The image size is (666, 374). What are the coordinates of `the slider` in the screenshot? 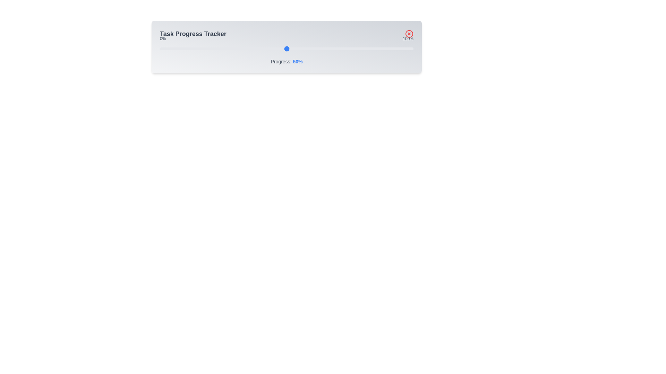 It's located at (304, 48).